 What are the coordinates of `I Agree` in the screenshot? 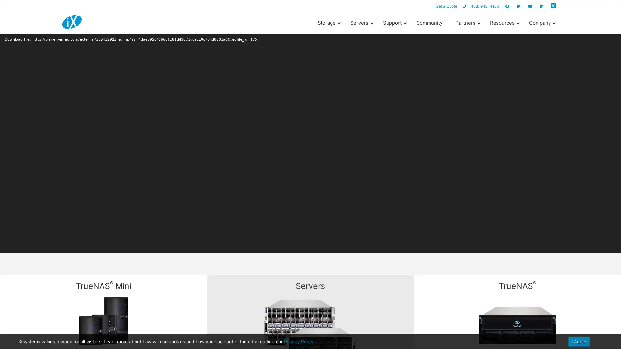 It's located at (579, 341).